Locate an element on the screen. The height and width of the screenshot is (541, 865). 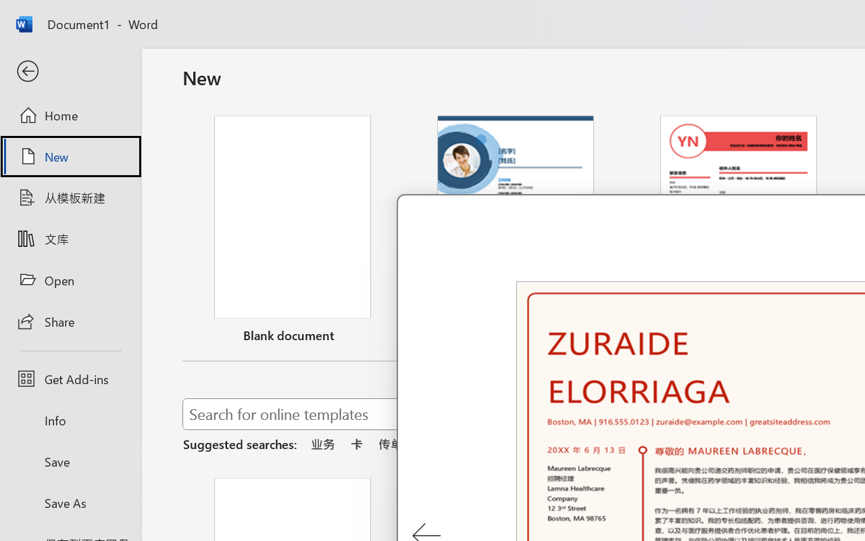
'New' is located at coordinates (70, 156).